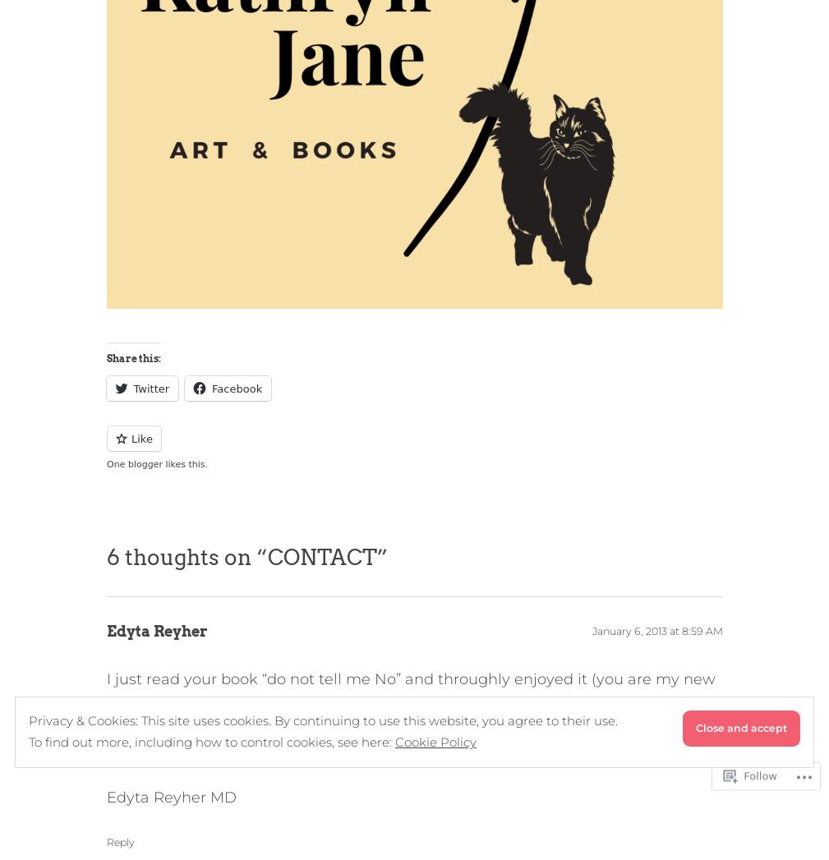 Image resolution: width=829 pixels, height=860 pixels. Describe the element at coordinates (132, 357) in the screenshot. I see `'Share this:'` at that location.